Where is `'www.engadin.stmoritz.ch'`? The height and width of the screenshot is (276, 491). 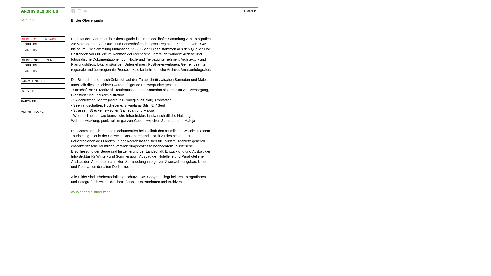 'www.engadin.stmoritz.ch' is located at coordinates (91, 192).